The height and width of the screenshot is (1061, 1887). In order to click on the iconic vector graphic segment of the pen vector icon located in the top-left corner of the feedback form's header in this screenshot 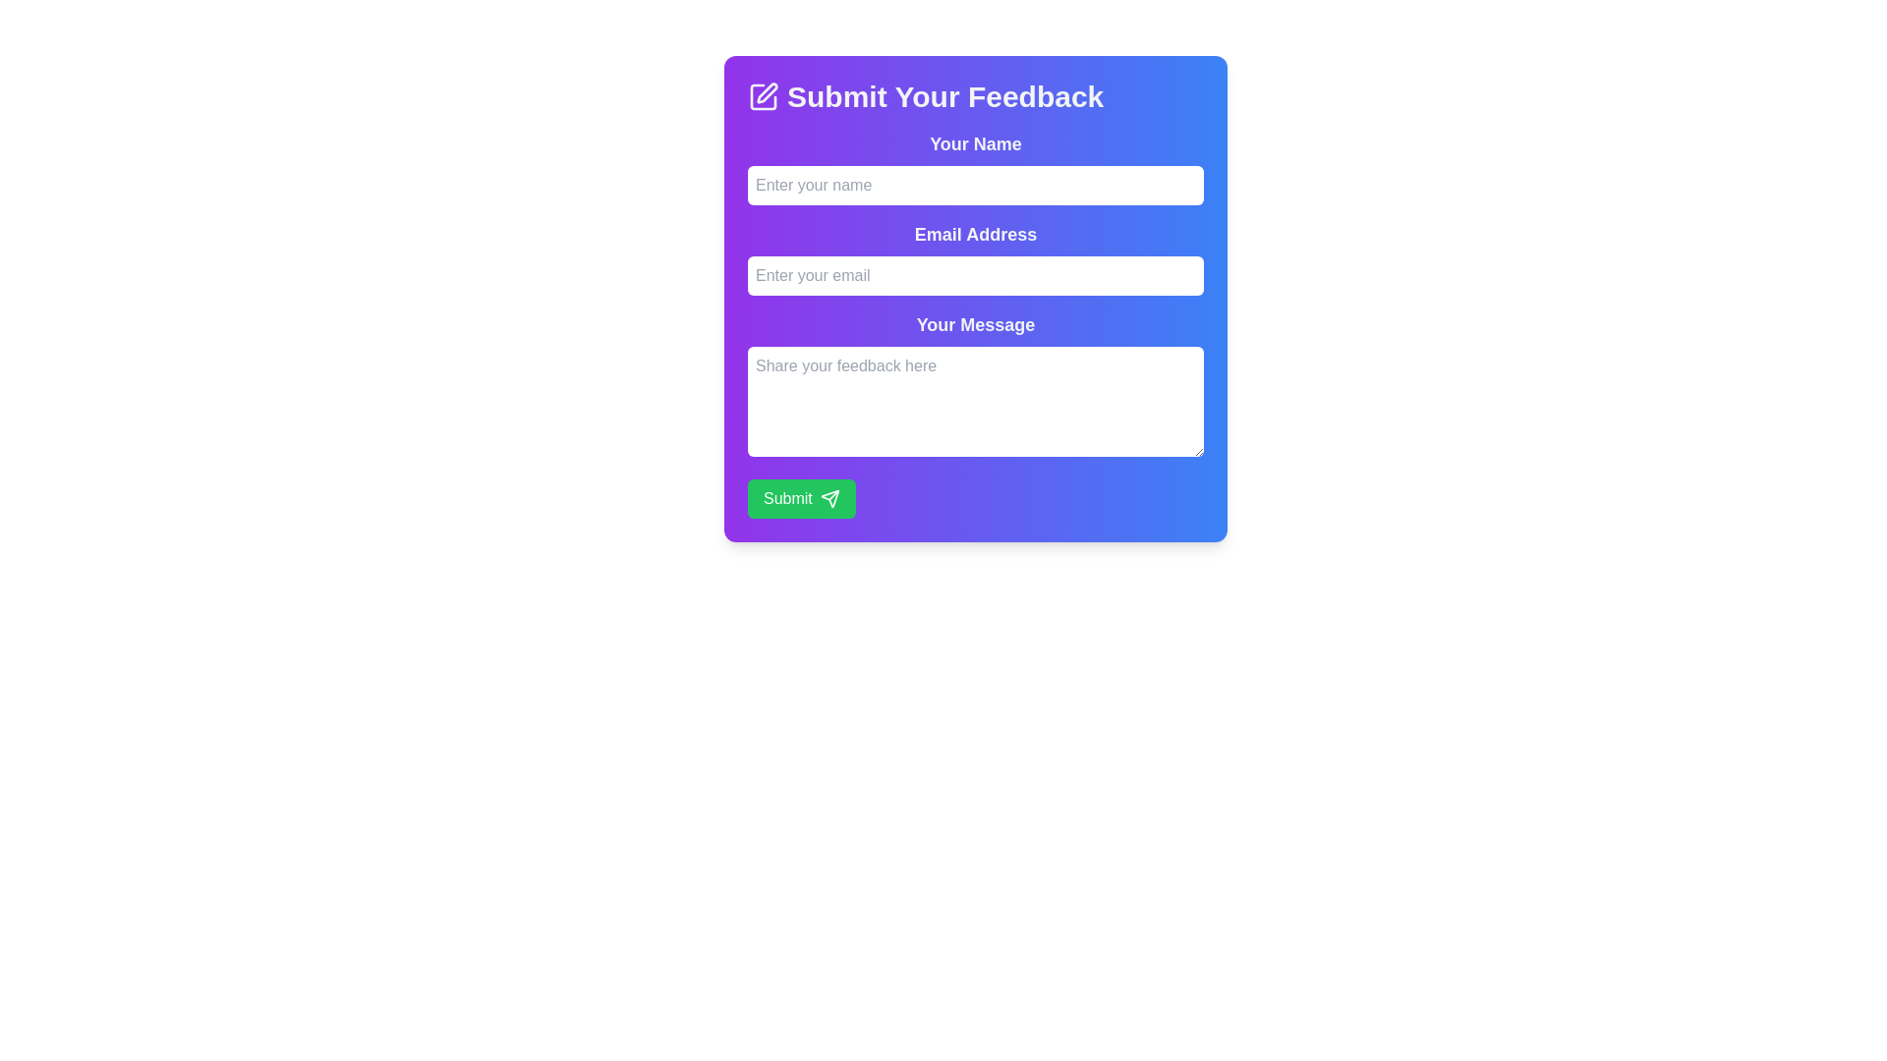, I will do `click(767, 93)`.